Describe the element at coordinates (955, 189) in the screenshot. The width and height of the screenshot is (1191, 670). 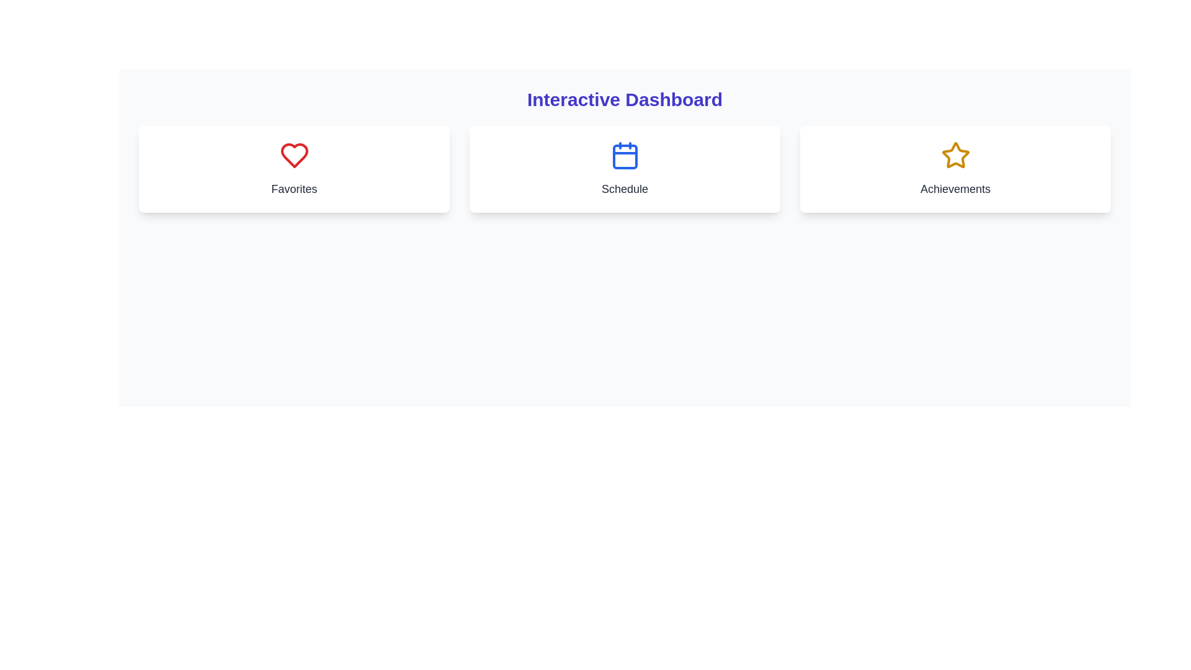
I see `the non-interactive label providing descriptive text for the 'Achievements' section, located at the bottom of a vertically-stacked group under a yellow star icon, aligned centrally within a white card` at that location.